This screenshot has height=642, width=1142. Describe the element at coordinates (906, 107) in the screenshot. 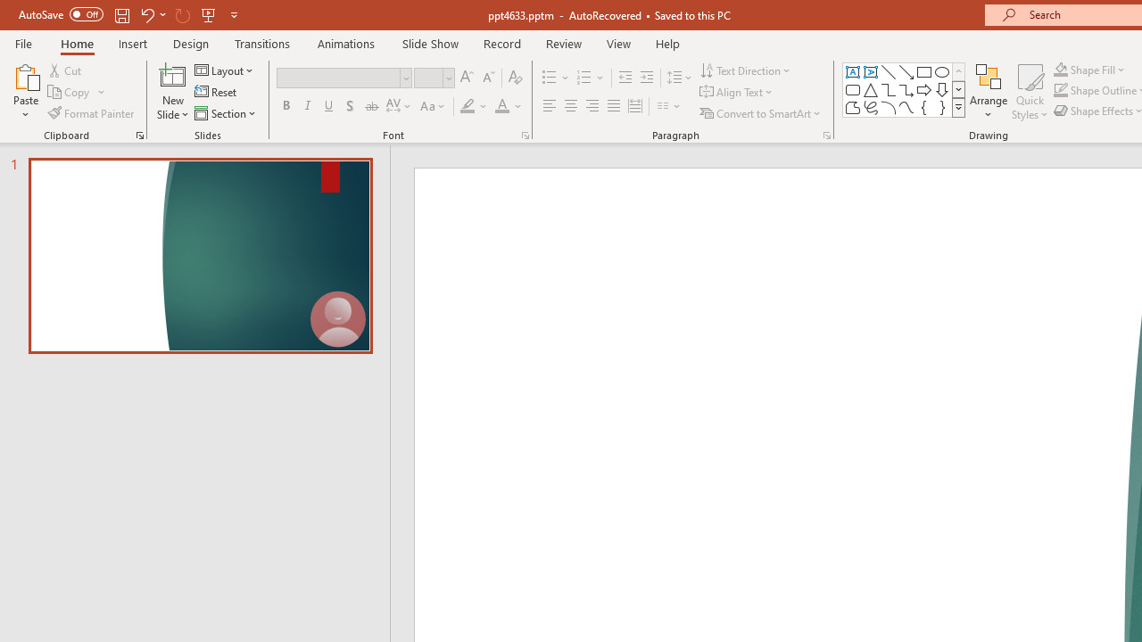

I see `'Curve'` at that location.